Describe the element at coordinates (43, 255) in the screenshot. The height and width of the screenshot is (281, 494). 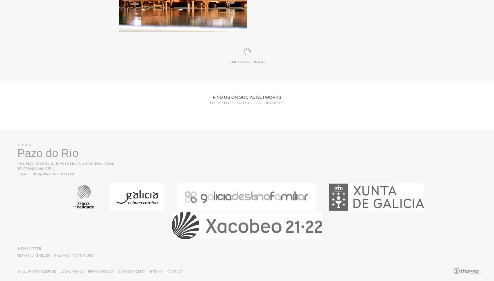
I see `'English'` at that location.